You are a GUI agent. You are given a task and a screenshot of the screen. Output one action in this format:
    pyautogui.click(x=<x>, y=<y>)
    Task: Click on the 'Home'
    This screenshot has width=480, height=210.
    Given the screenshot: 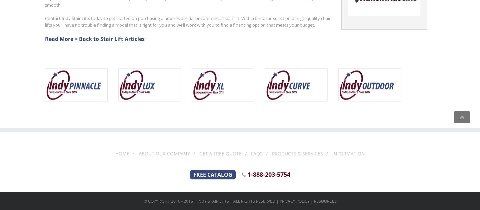 What is the action you would take?
    pyautogui.click(x=115, y=153)
    